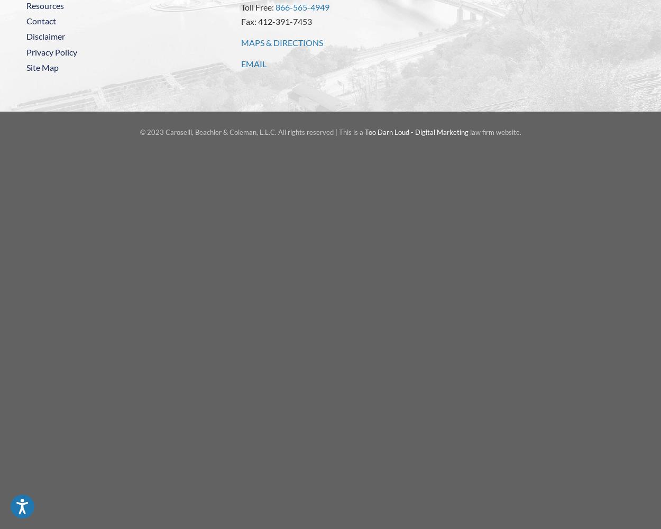 Image resolution: width=661 pixels, height=529 pixels. What do you see at coordinates (140, 132) in the screenshot?
I see `'© 2023 Caroselli, Beachler & Coleman, L.L.C. All rights reserved | This is a'` at bounding box center [140, 132].